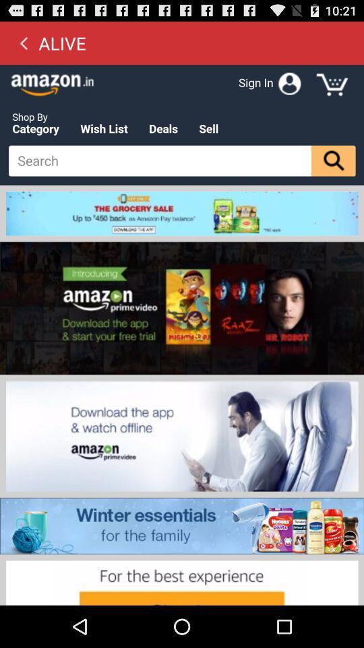 This screenshot has width=364, height=648. Describe the element at coordinates (24, 43) in the screenshot. I see `click on arrow to go back to previous page` at that location.